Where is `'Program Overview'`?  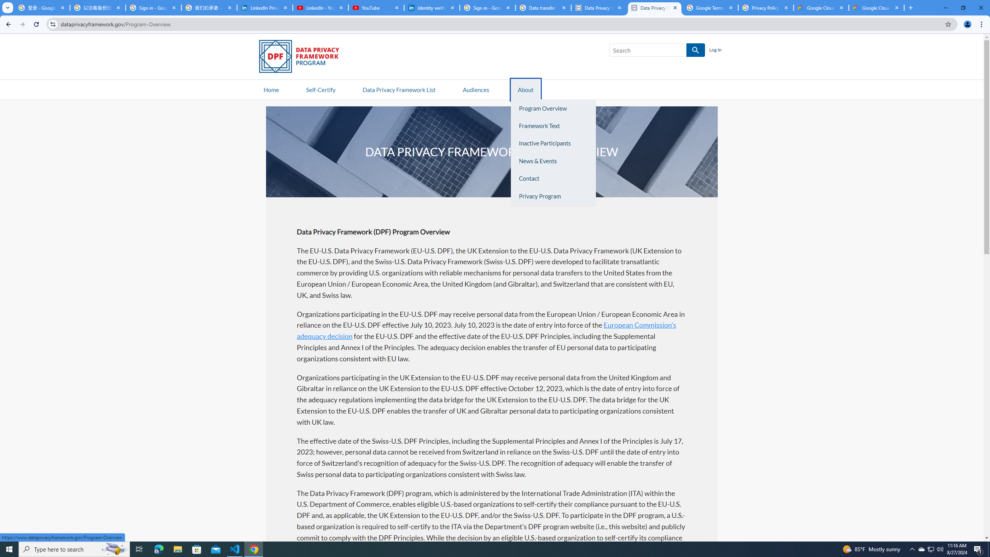 'Program Overview' is located at coordinates (553, 108).